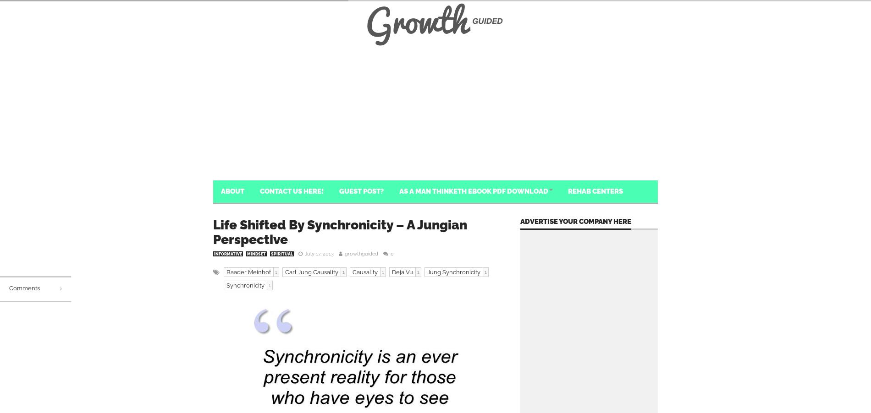  What do you see at coordinates (248, 272) in the screenshot?
I see `'Baader Meinhof'` at bounding box center [248, 272].